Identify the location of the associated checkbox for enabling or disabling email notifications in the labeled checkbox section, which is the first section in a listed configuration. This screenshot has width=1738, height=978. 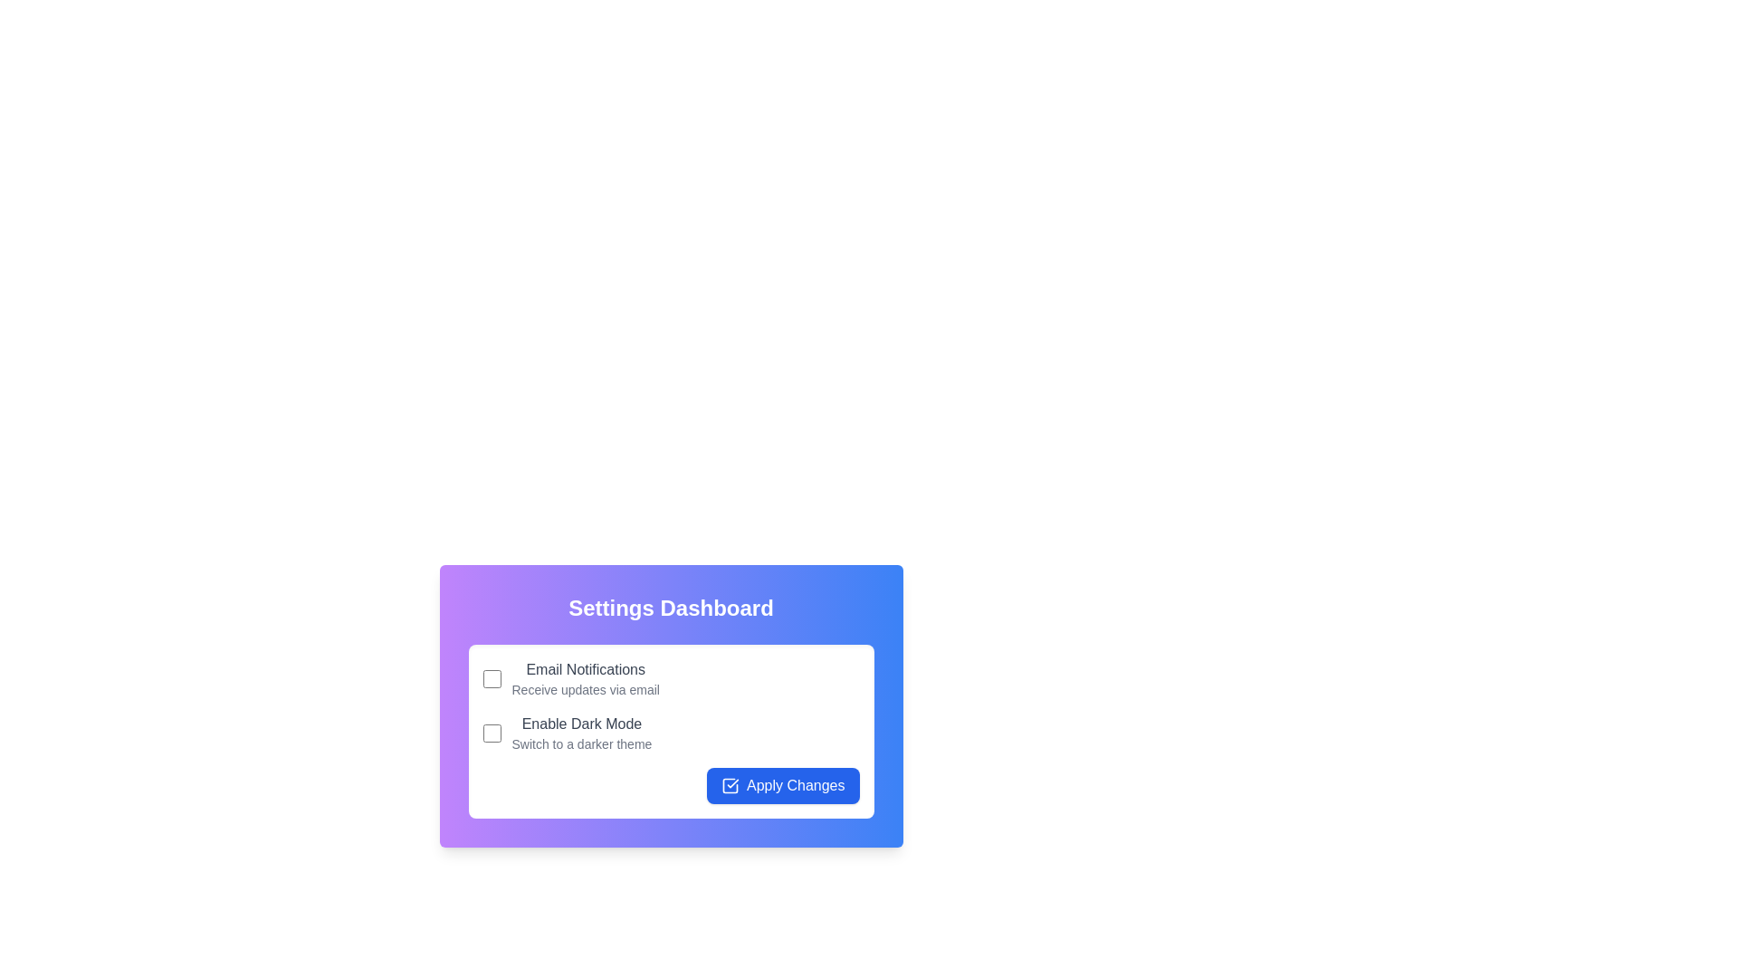
(670, 678).